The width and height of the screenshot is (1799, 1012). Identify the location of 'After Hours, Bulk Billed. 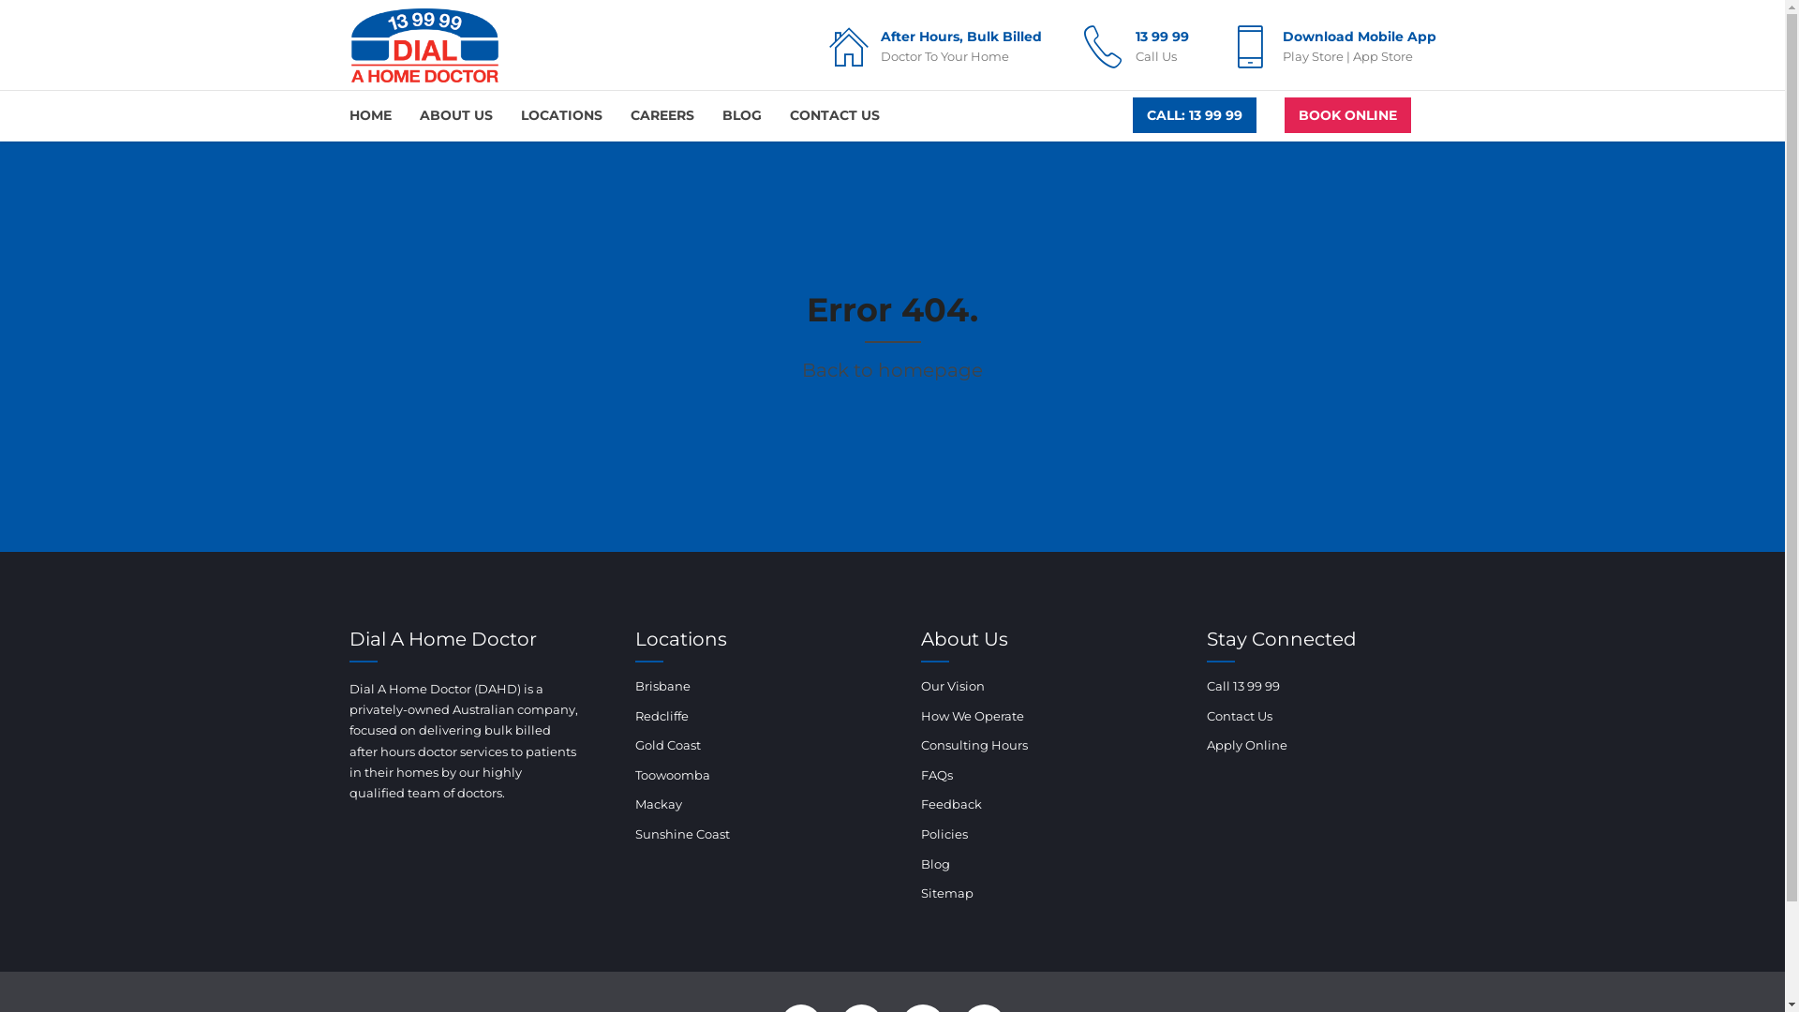
(931, 45).